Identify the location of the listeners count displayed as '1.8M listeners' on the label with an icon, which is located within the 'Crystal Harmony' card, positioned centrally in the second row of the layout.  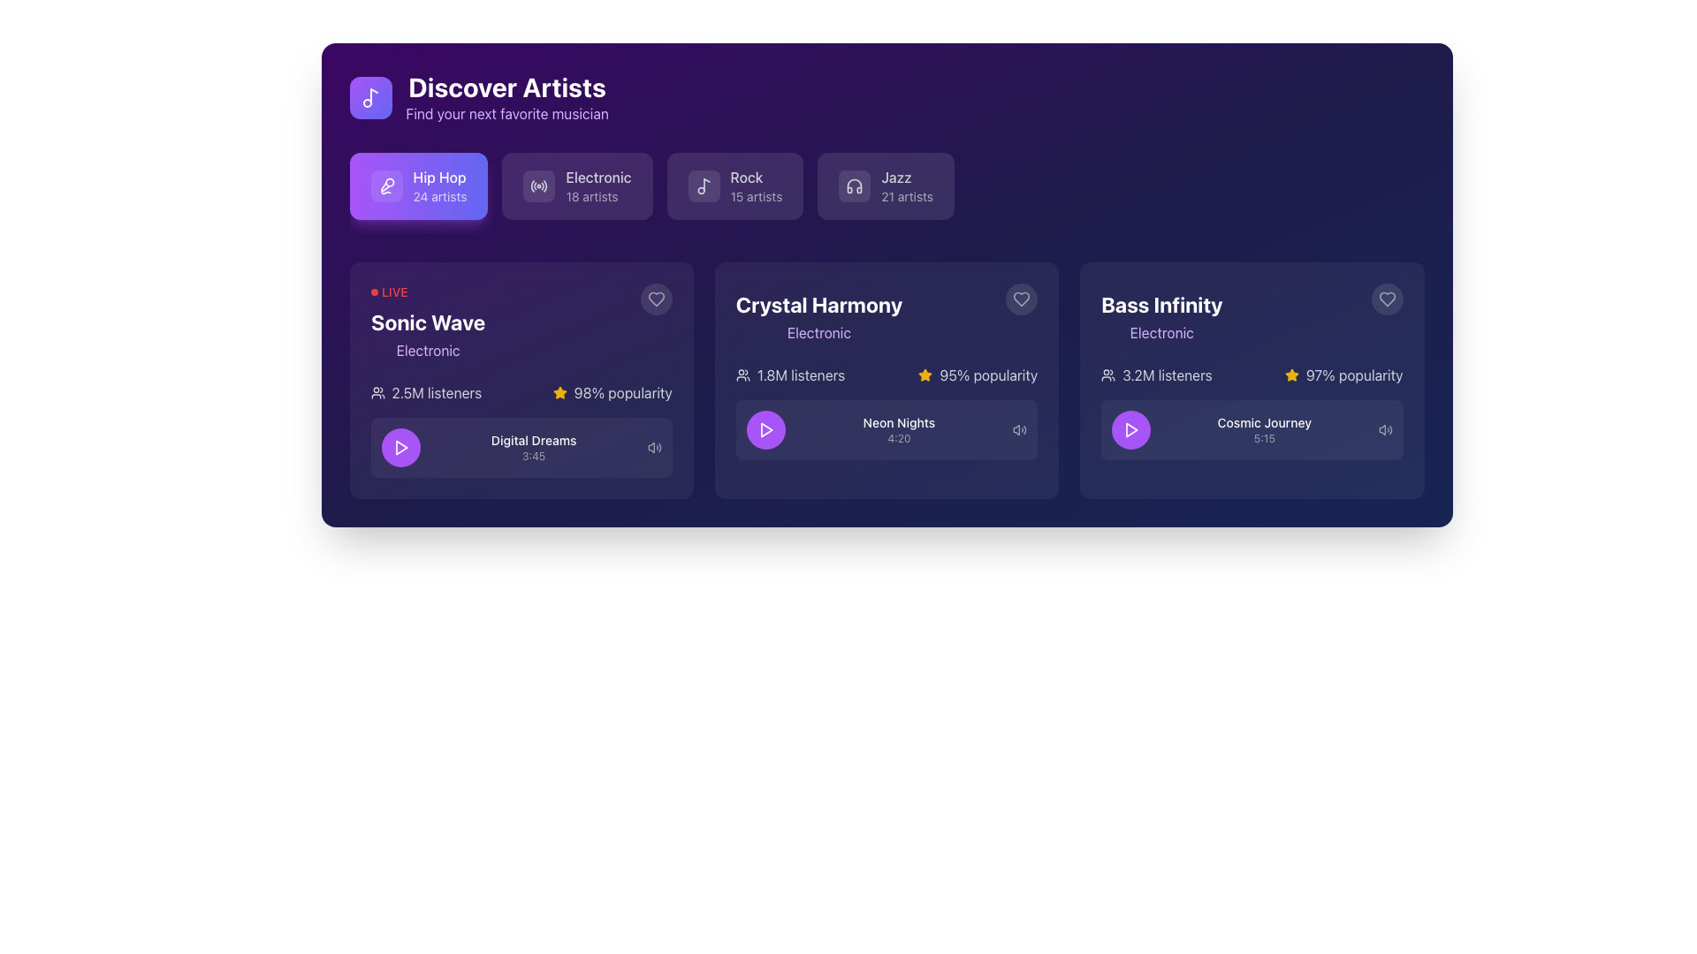
(789, 374).